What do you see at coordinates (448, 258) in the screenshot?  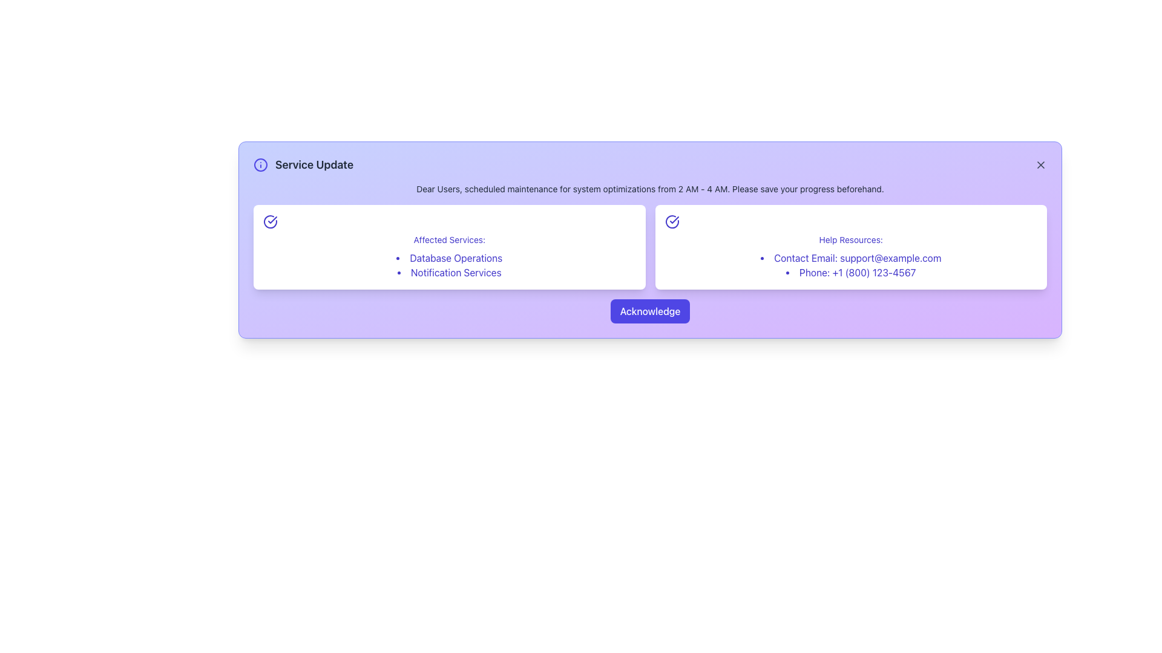 I see `the first informational text item in the bulleted list under the heading 'Affected Services:'` at bounding box center [448, 258].